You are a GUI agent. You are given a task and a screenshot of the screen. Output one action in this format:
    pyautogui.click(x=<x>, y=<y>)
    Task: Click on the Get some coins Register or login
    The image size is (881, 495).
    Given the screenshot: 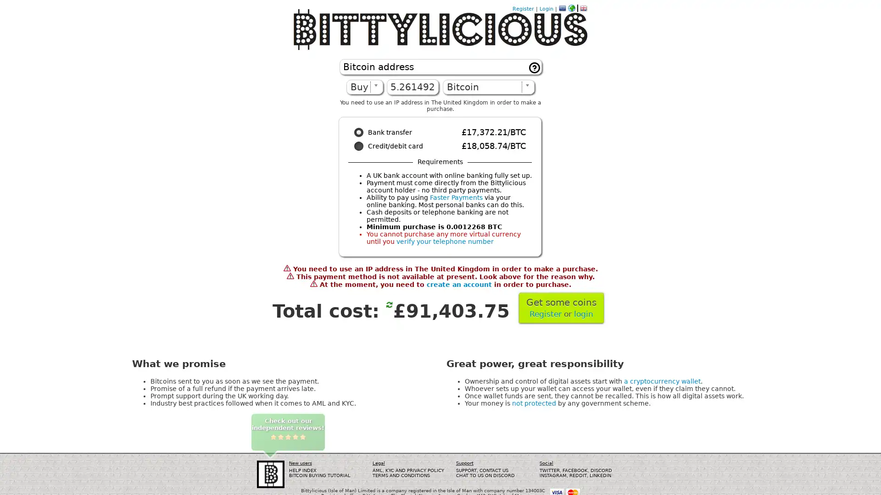 What is the action you would take?
    pyautogui.click(x=561, y=308)
    